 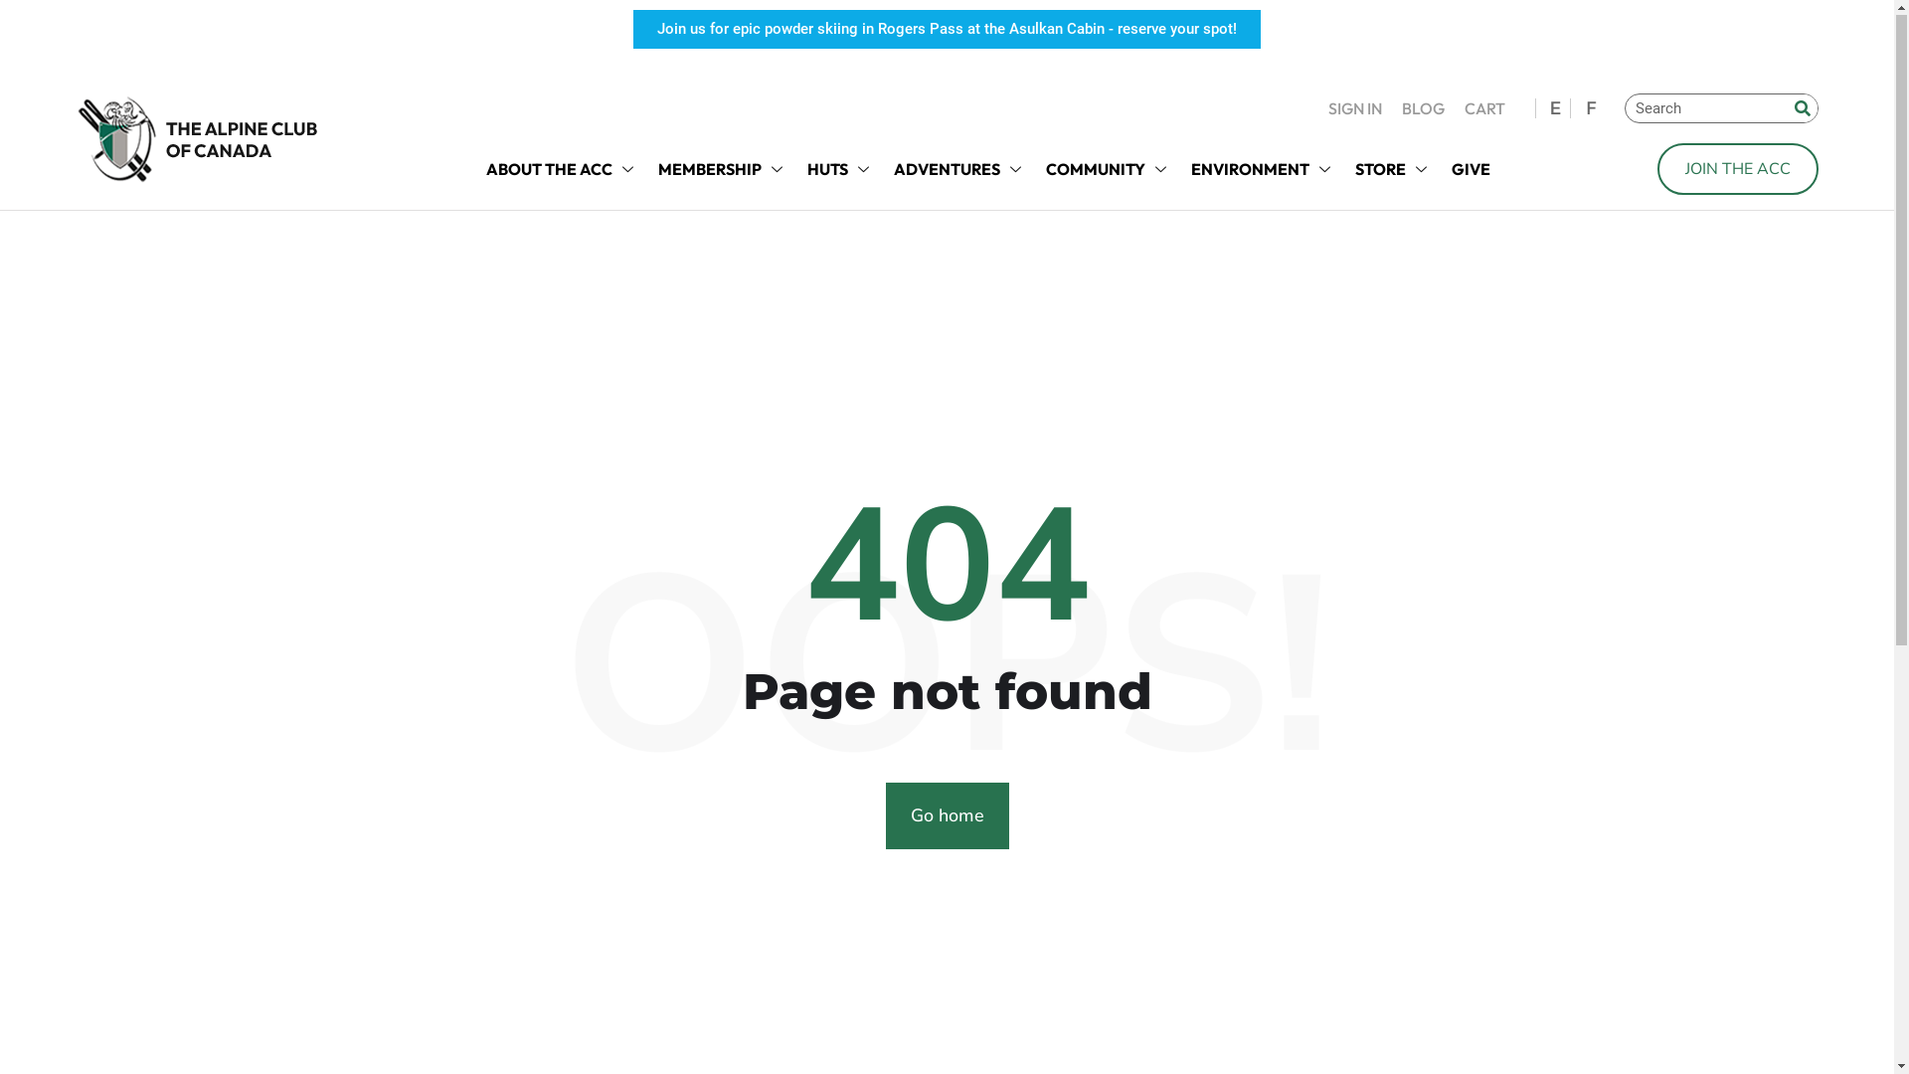 What do you see at coordinates (1107, 169) in the screenshot?
I see `'COMMUNITY'` at bounding box center [1107, 169].